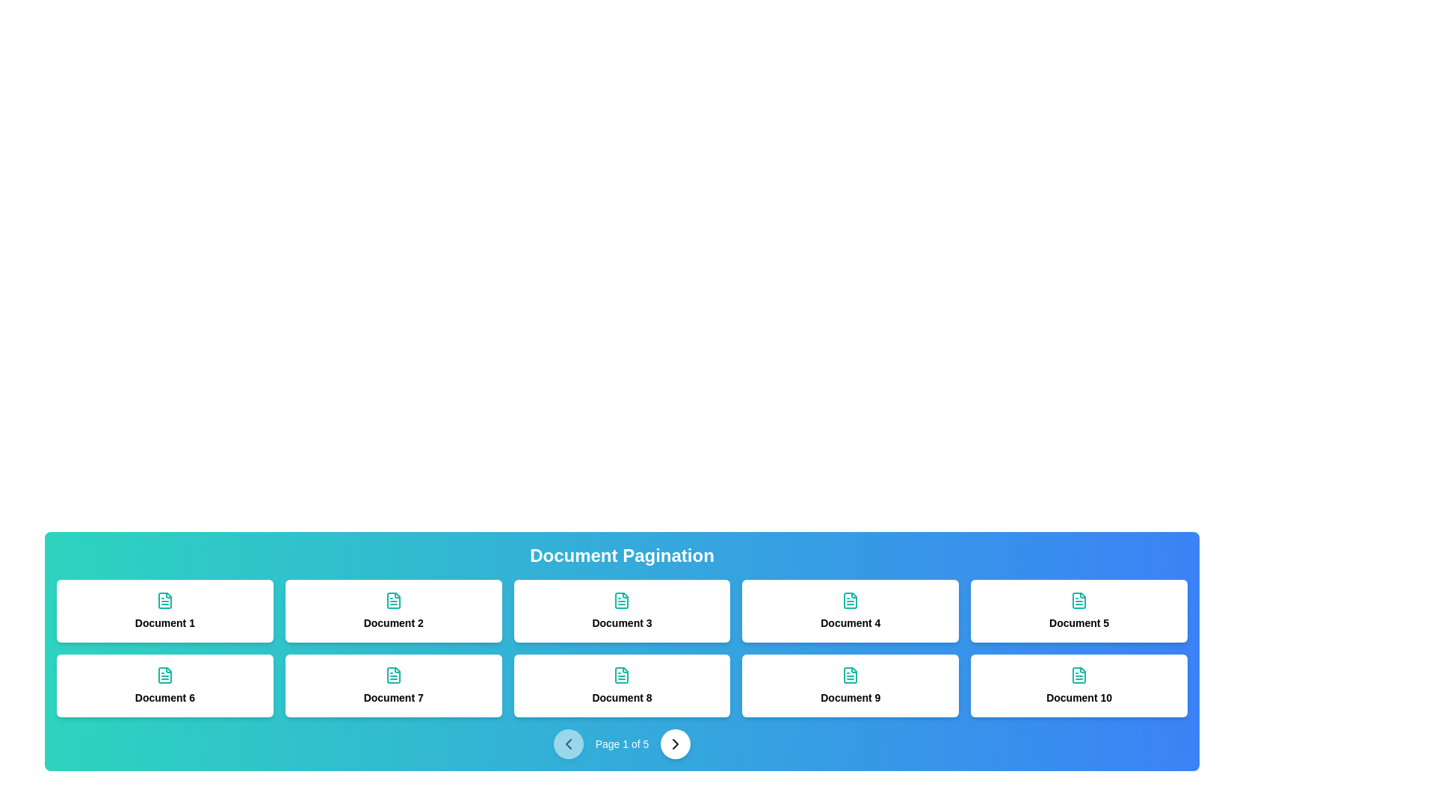  Describe the element at coordinates (675, 743) in the screenshot. I see `the circular button with a white background and dark right-facing chevron icon, located near the bottom center of the interface, part of the pagination control group` at that location.